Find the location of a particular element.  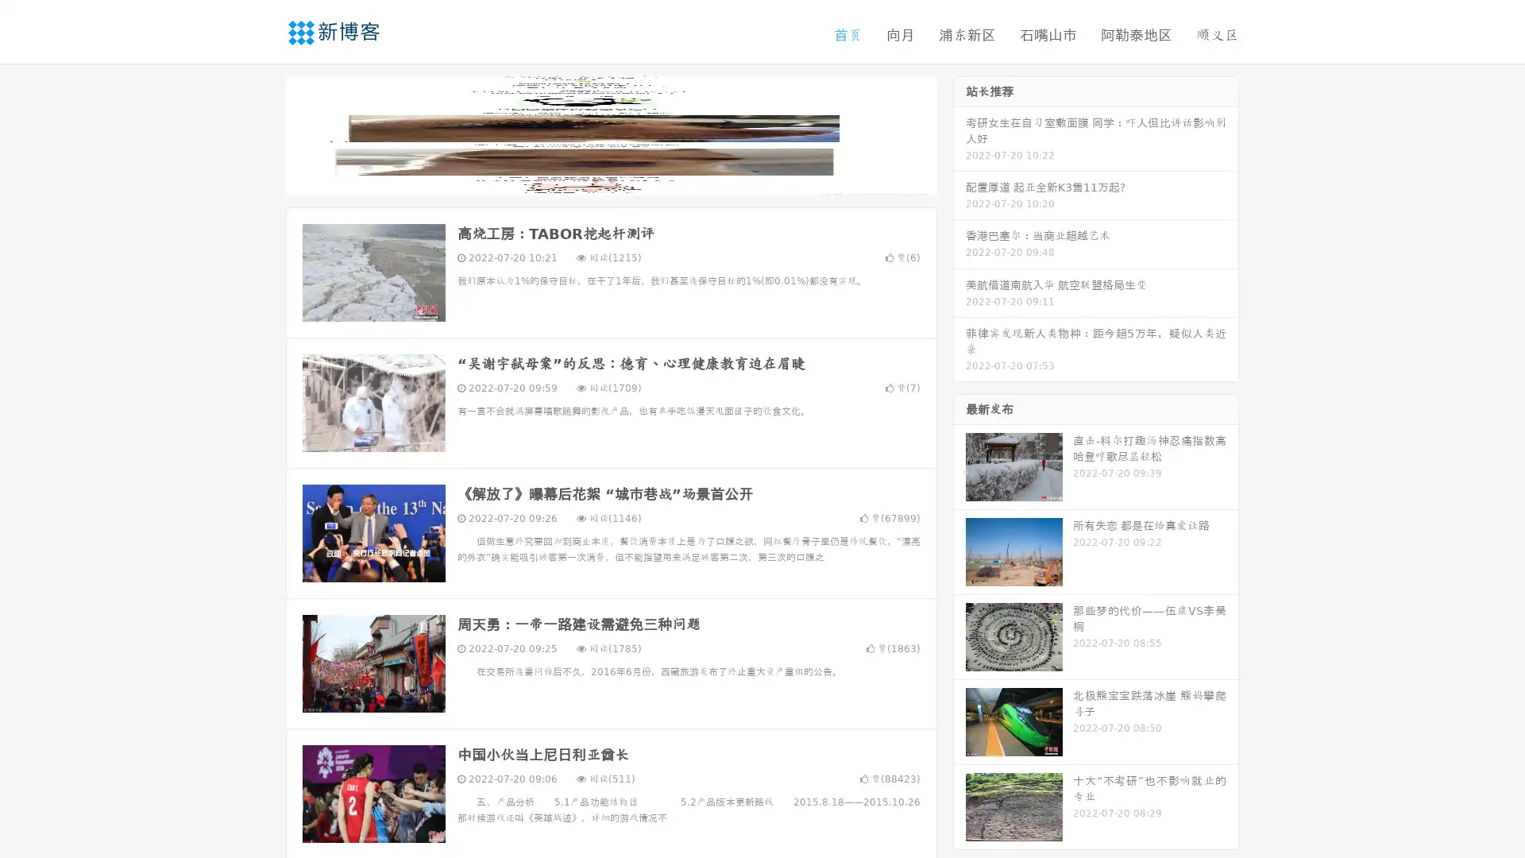

Next slide is located at coordinates (959, 133).